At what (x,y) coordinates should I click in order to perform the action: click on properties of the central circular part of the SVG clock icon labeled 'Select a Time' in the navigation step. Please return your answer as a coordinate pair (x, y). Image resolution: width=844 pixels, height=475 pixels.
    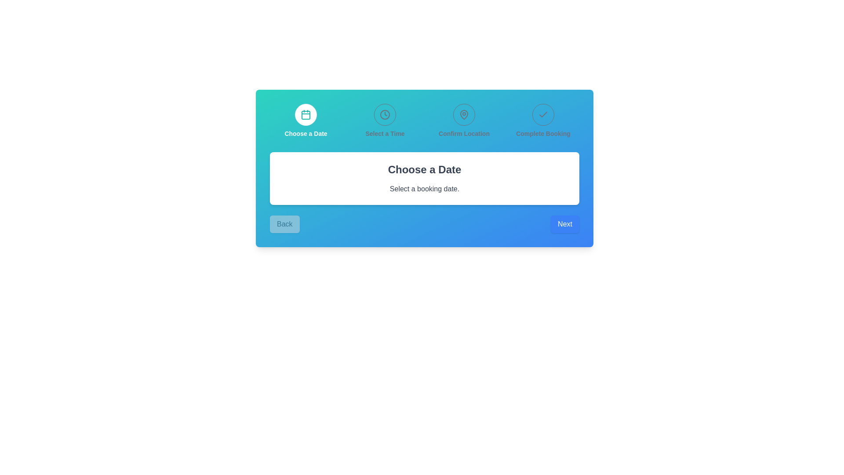
    Looking at the image, I should click on (385, 114).